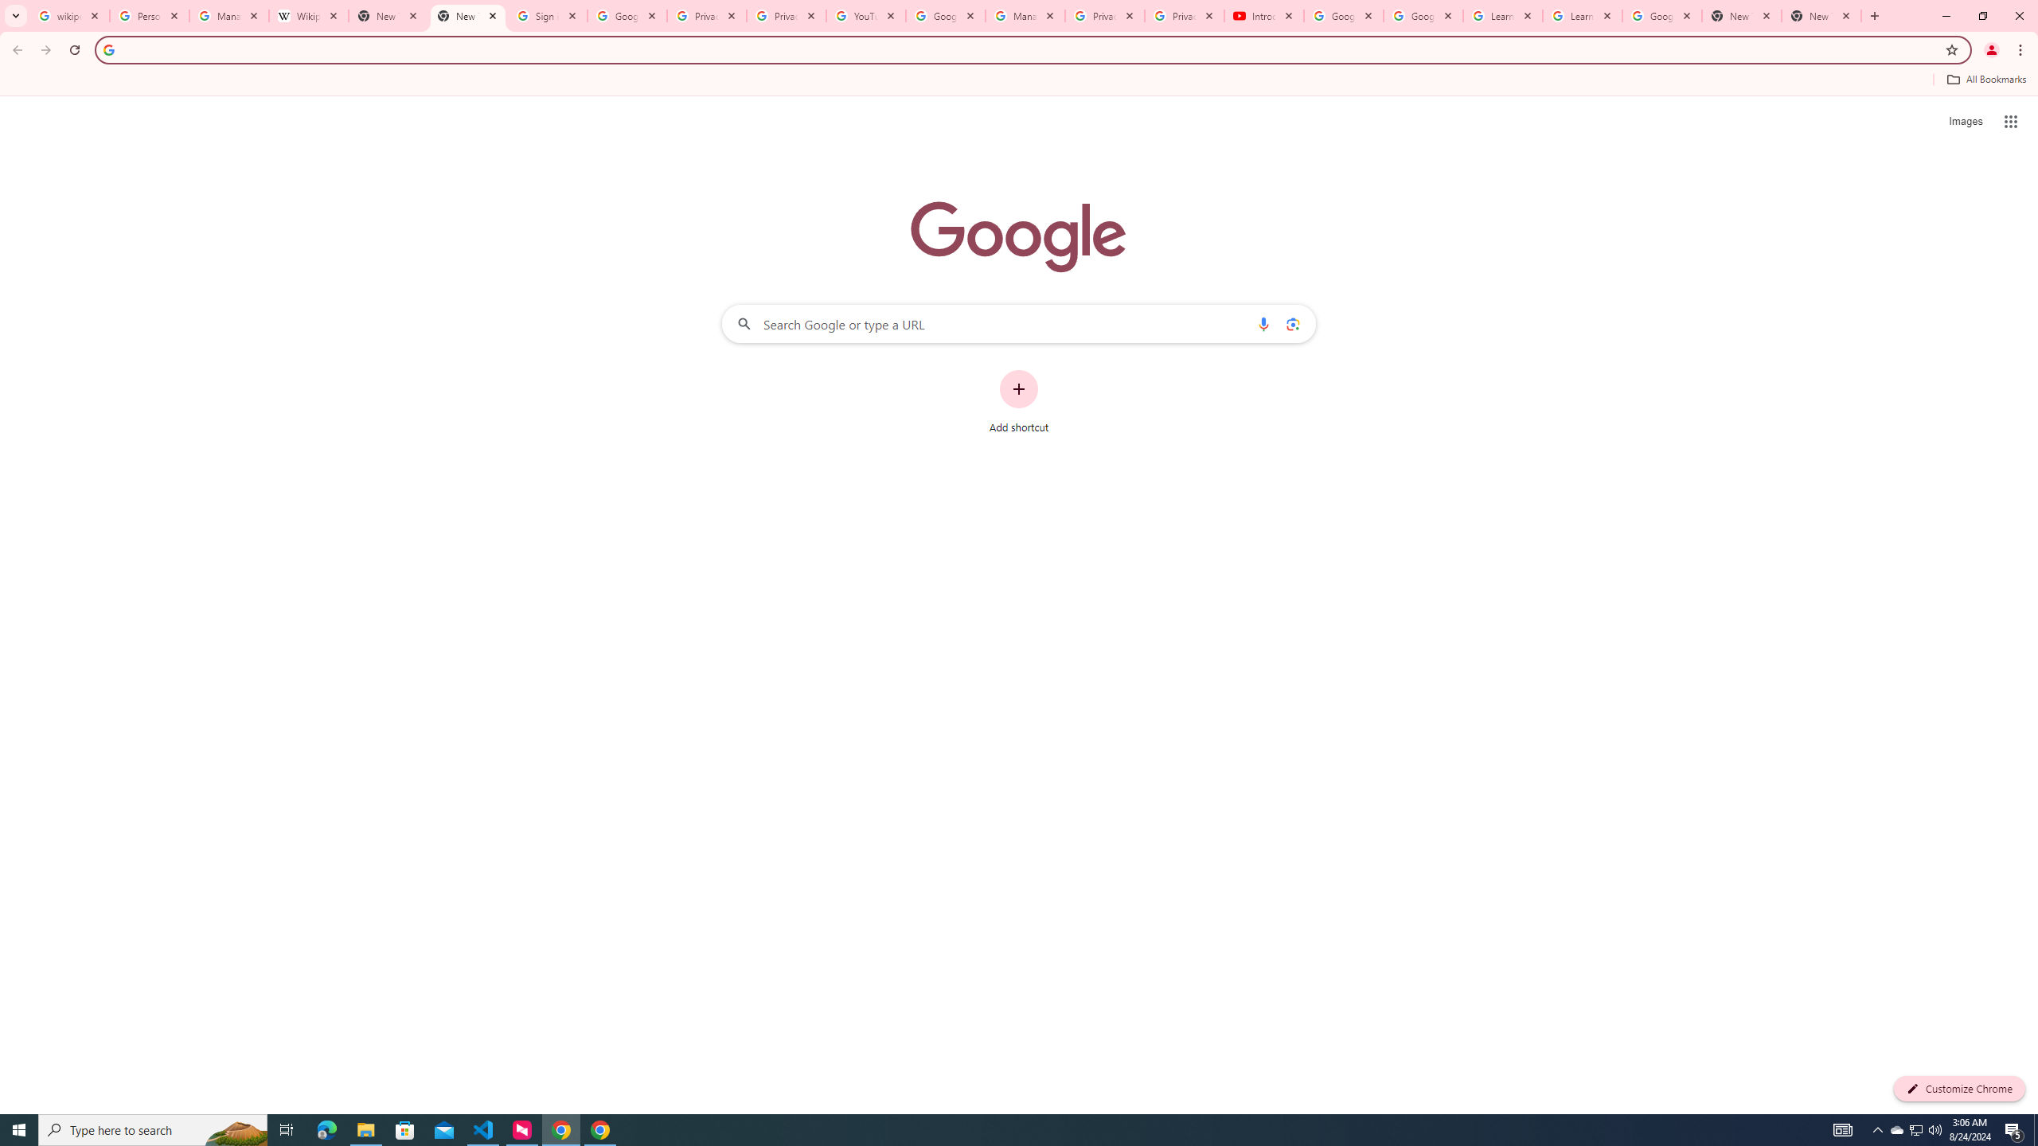 This screenshot has height=1146, width=2038. What do you see at coordinates (1343, 15) in the screenshot?
I see `'Google Account Help'` at bounding box center [1343, 15].